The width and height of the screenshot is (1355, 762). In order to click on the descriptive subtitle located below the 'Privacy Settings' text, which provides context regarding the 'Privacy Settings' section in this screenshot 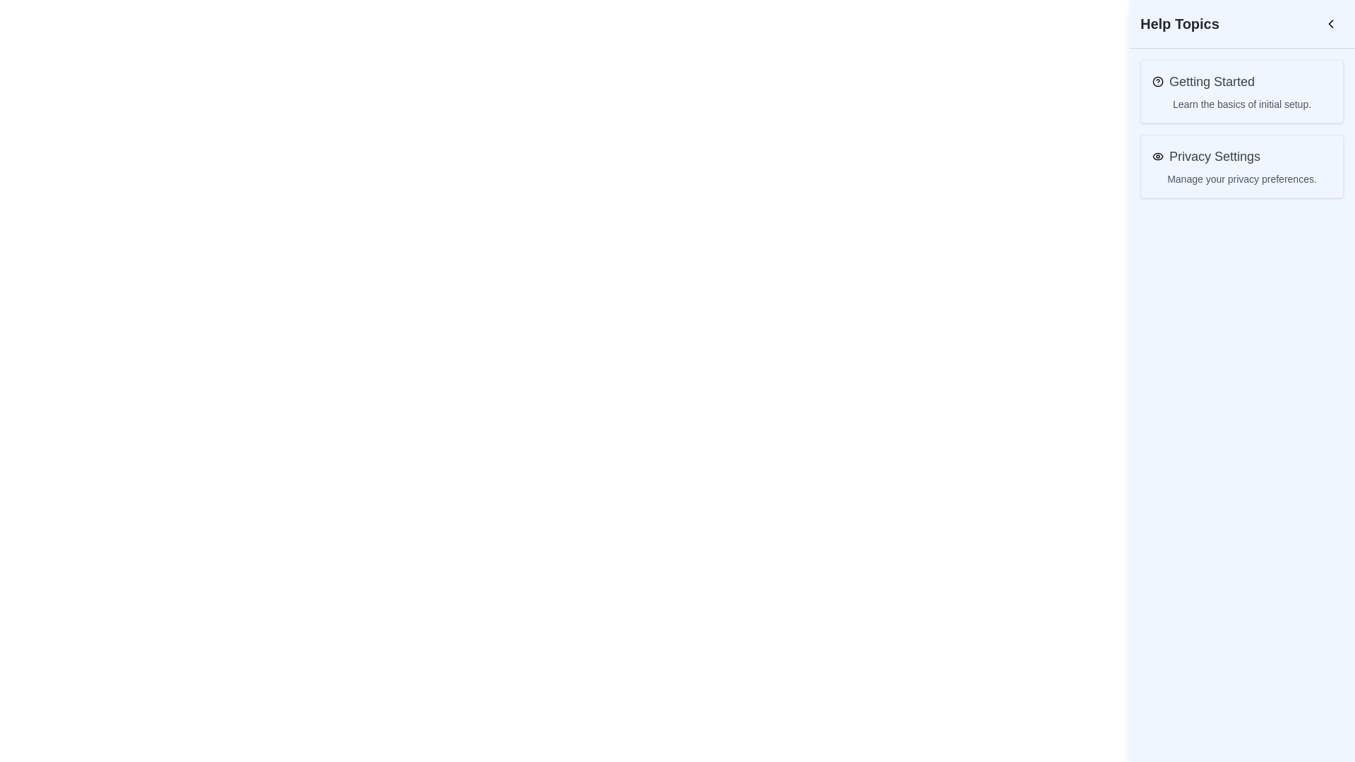, I will do `click(1242, 179)`.